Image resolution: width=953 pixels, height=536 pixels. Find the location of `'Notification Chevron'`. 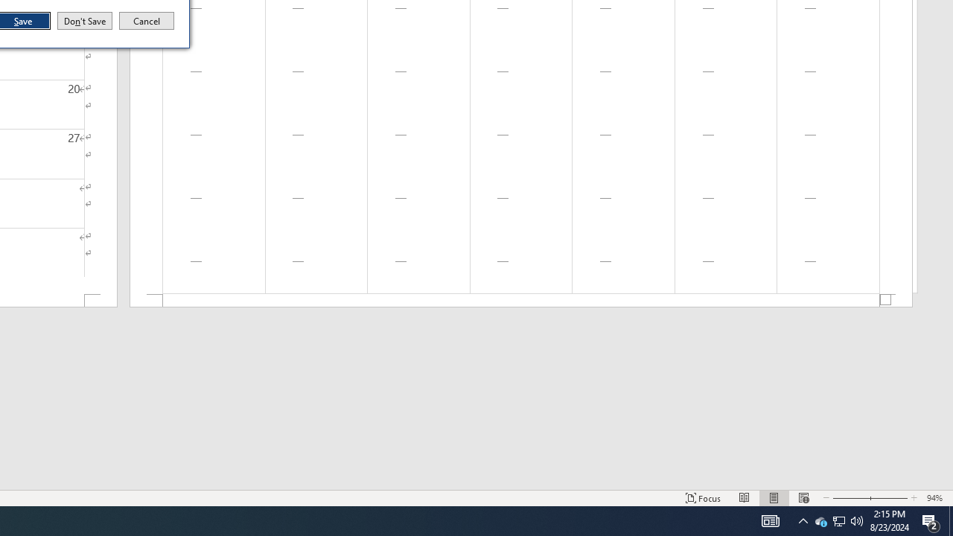

'Notification Chevron' is located at coordinates (803, 520).